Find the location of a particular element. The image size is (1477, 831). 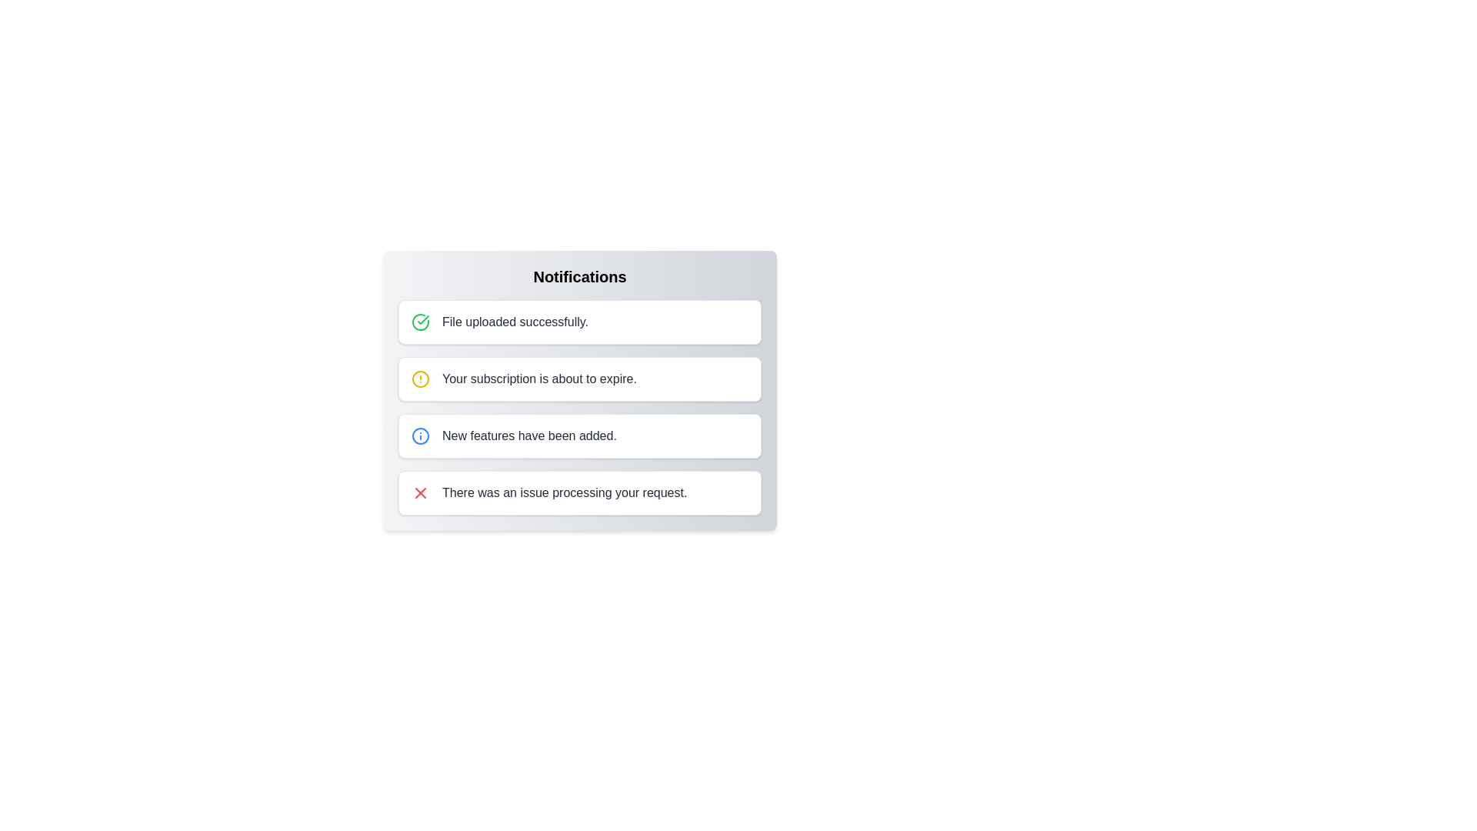

the 'X' icon indicating an issue in the notification list that is located to the left of the text 'There was an issue processing your request.' is located at coordinates (421, 492).